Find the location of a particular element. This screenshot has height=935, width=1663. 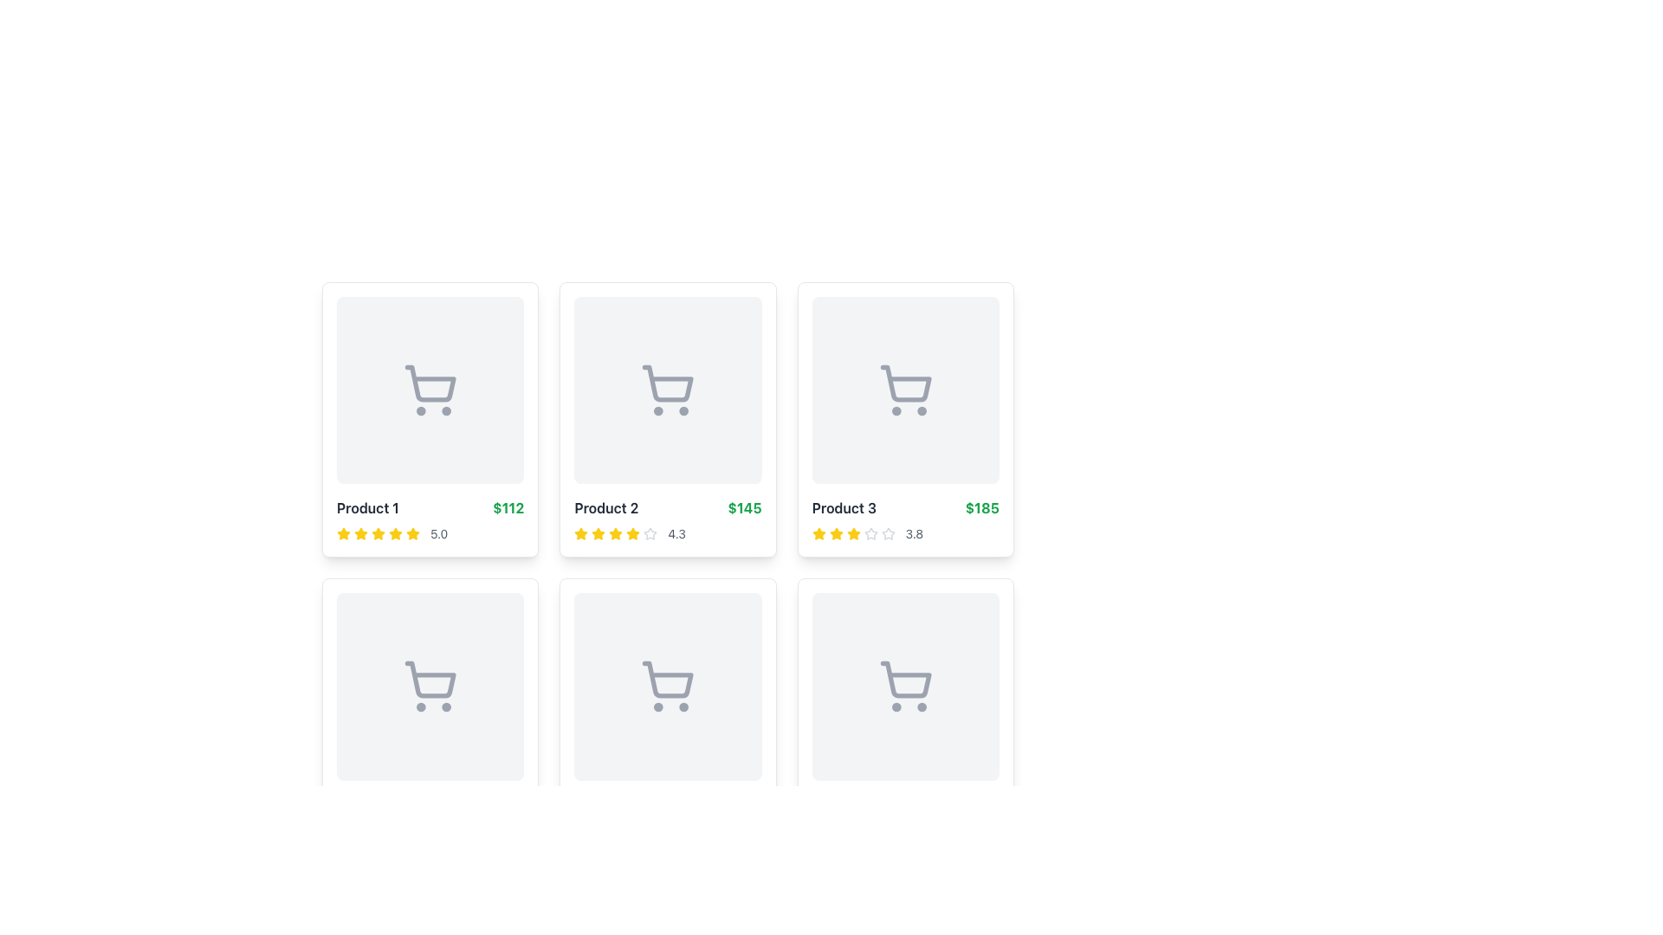

the favorite button located at the top-right corner of the bottom-left square item within the grid layout, which serves is located at coordinates (497, 618).